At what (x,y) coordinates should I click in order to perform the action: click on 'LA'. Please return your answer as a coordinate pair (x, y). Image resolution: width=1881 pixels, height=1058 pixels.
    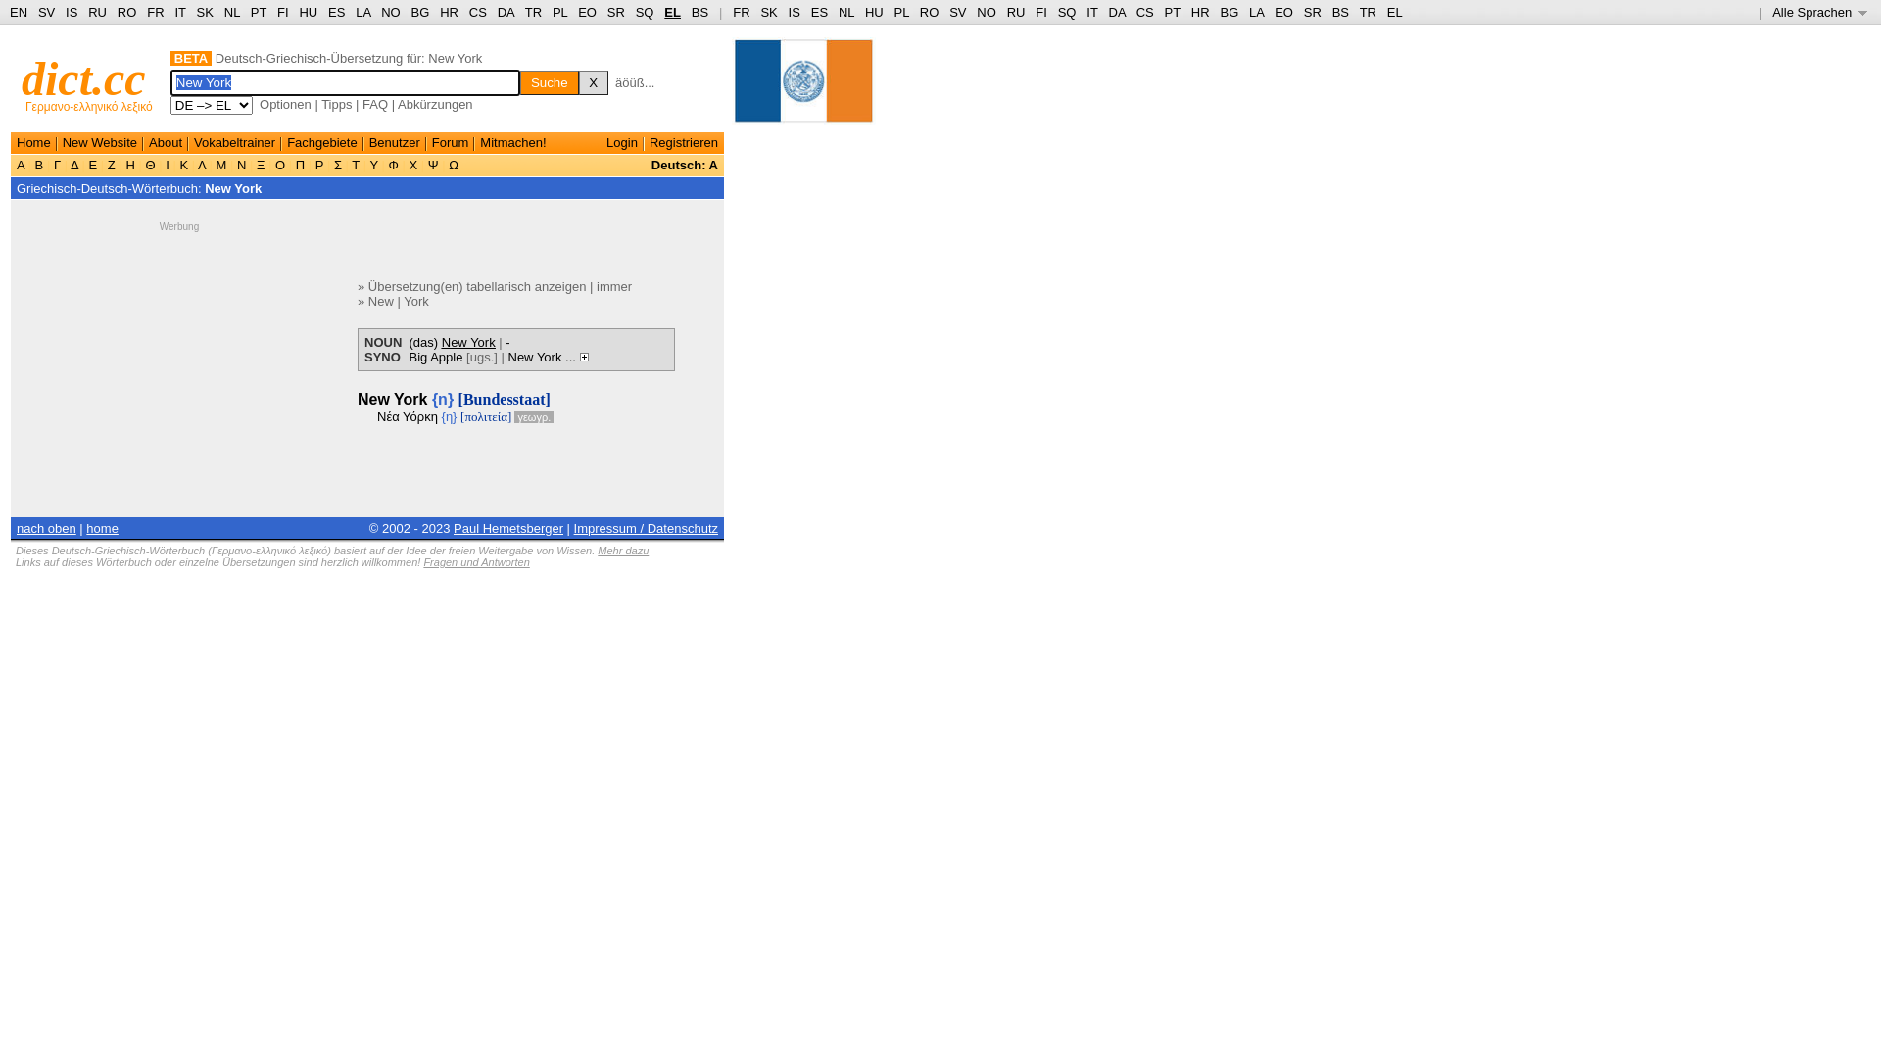
    Looking at the image, I should click on (1248, 12).